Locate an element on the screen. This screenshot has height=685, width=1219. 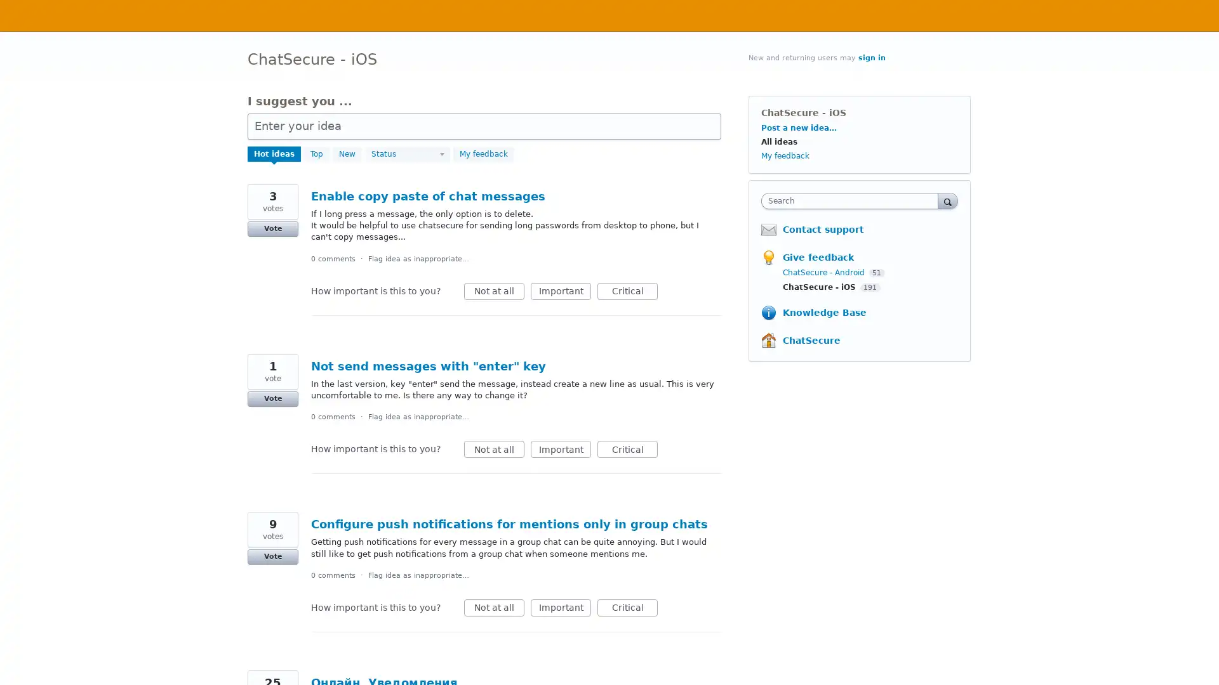
Vote is located at coordinates (272, 398).